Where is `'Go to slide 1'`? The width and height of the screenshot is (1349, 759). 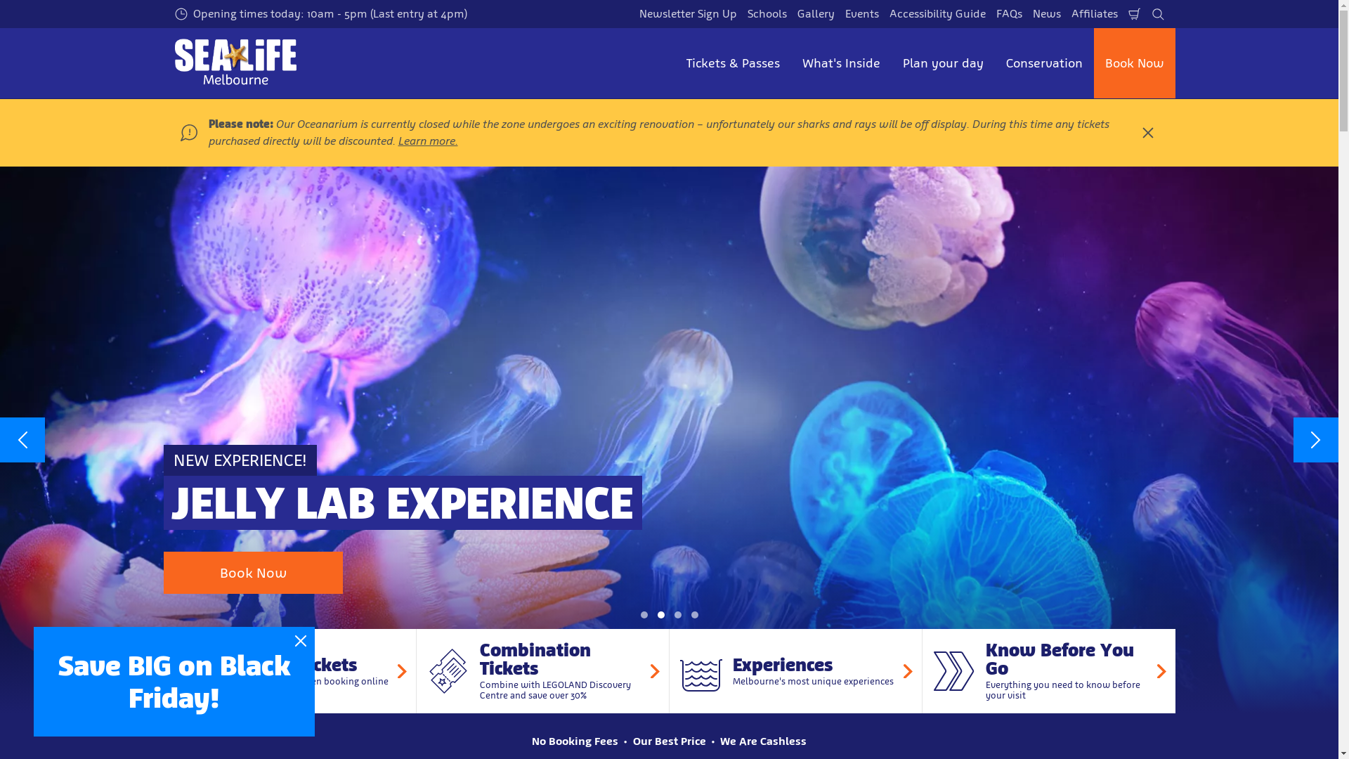
'Go to slide 1' is located at coordinates (643, 614).